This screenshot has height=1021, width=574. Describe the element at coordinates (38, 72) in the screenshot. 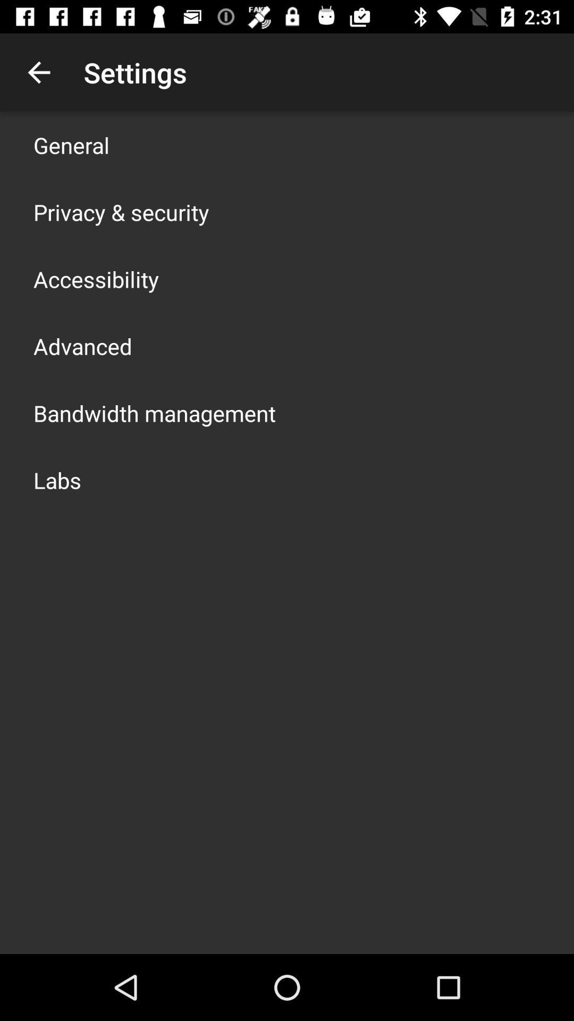

I see `the app to the left of settings app` at that location.